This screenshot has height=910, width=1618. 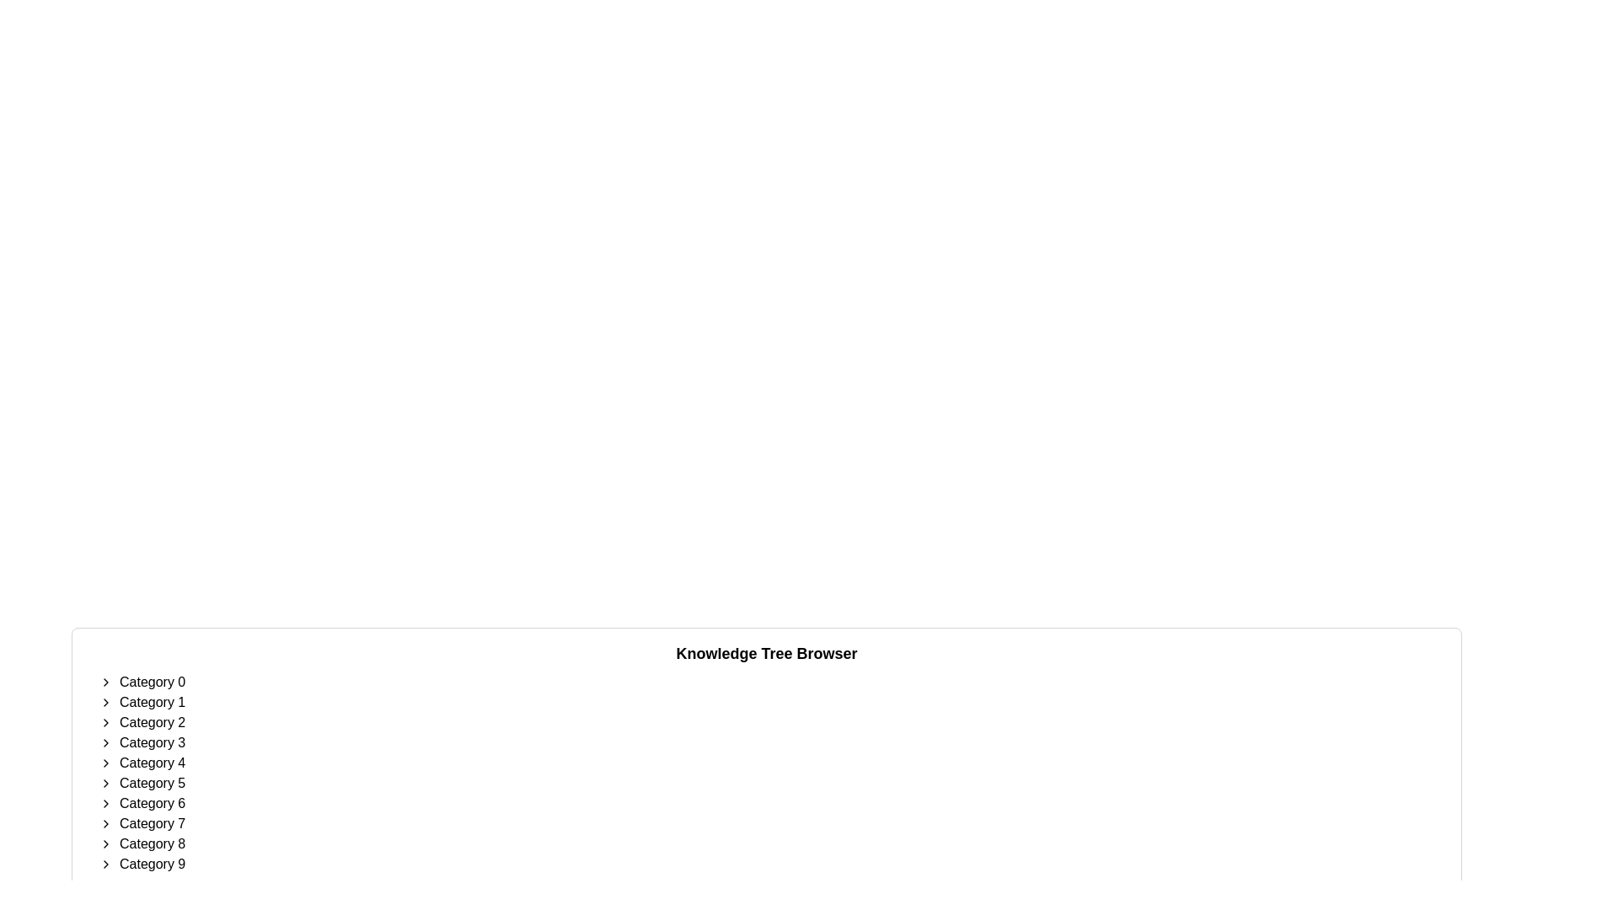 I want to click on the Icon (navigation indicator), so click(x=104, y=823).